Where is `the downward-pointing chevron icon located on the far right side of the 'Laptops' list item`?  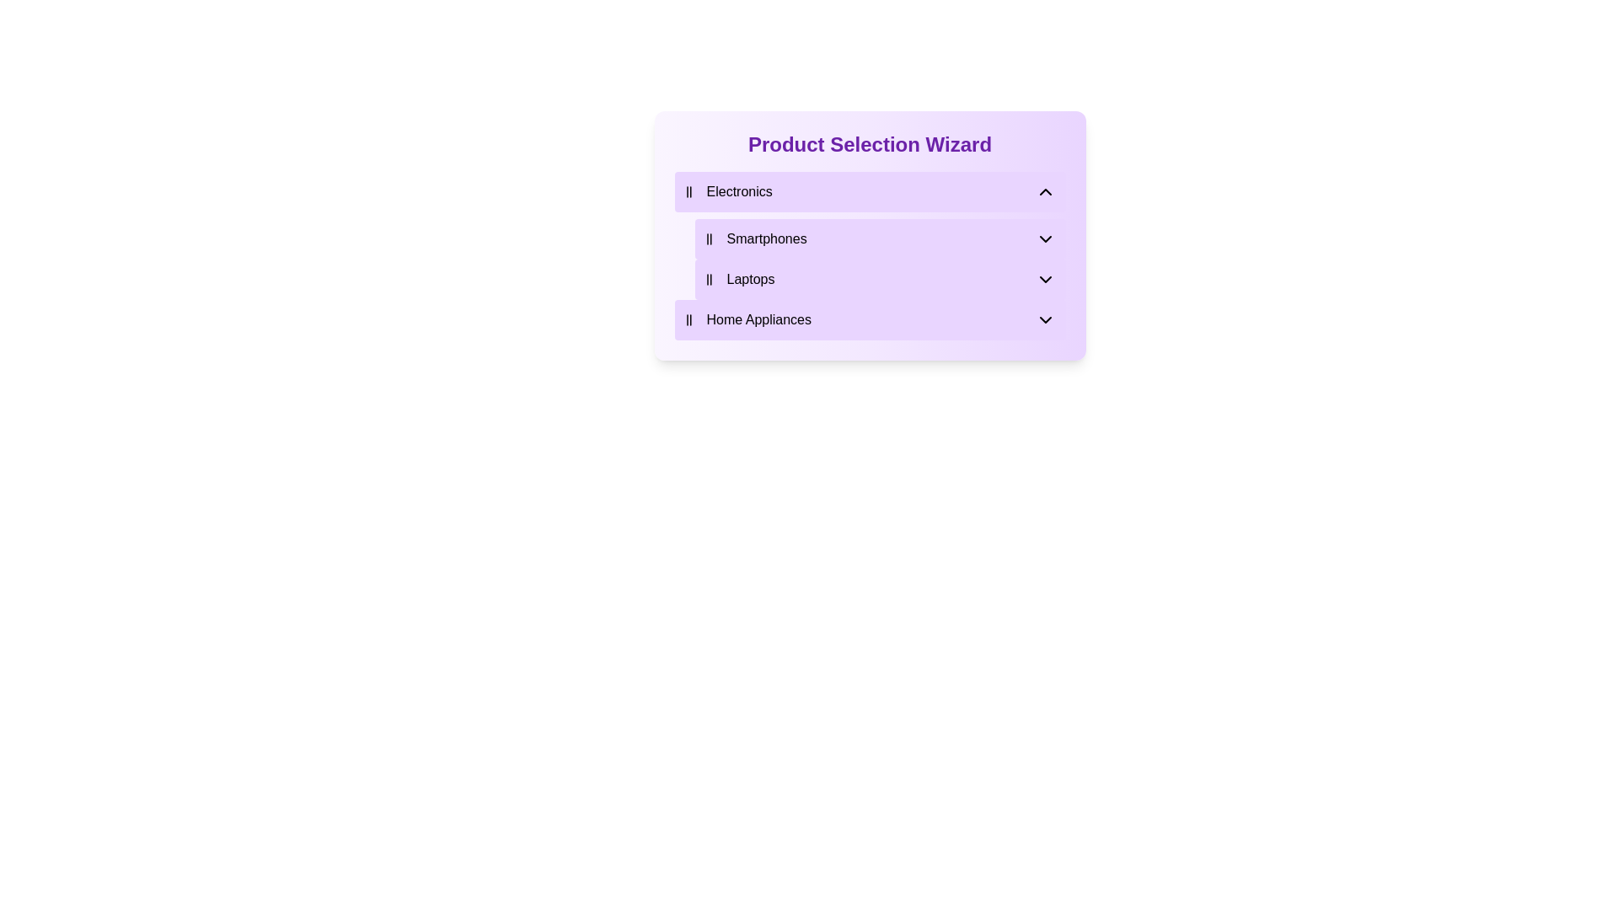 the downward-pointing chevron icon located on the far right side of the 'Laptops' list item is located at coordinates (1044, 278).